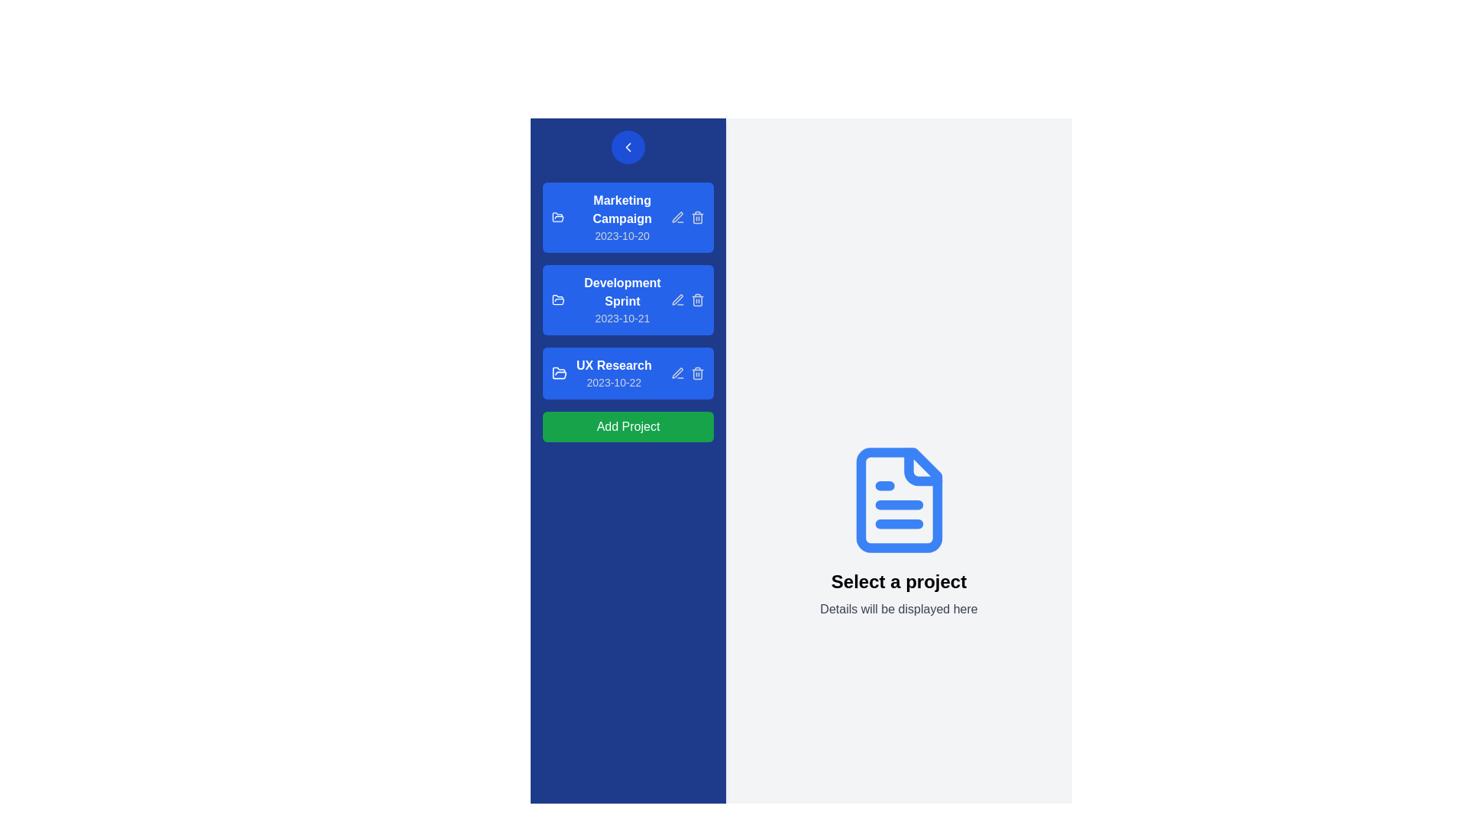 The width and height of the screenshot is (1466, 825). I want to click on the folder icon representing the 'Marketing Campaign' project in the left sidebar, so click(557, 218).